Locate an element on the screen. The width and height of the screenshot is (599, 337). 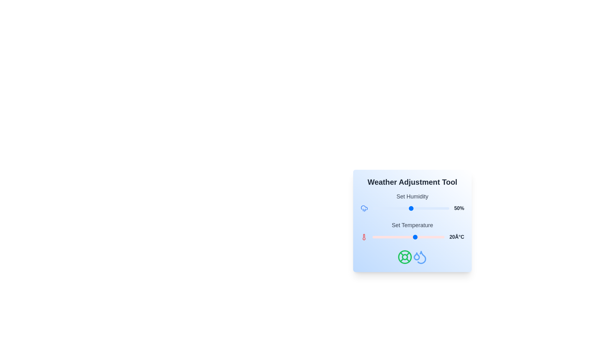
the humidity slider to 56% is located at coordinates (416, 208).